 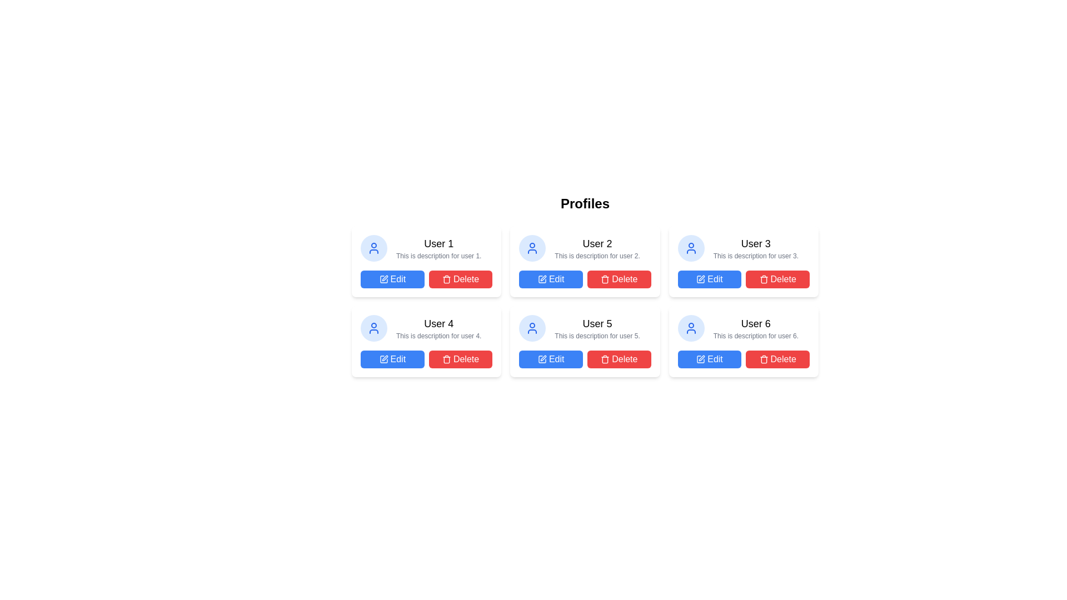 I want to click on the delete button located to the right of the blue 'Edit' button within the user profile card for User 3, so click(x=777, y=278).